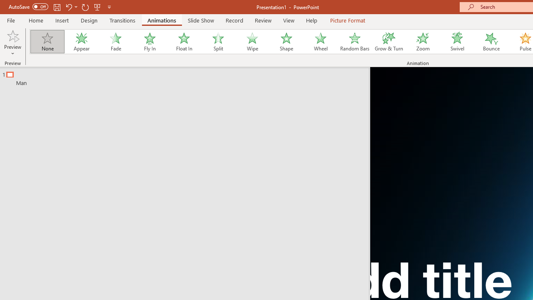  What do you see at coordinates (320, 42) in the screenshot?
I see `'Wheel'` at bounding box center [320, 42].